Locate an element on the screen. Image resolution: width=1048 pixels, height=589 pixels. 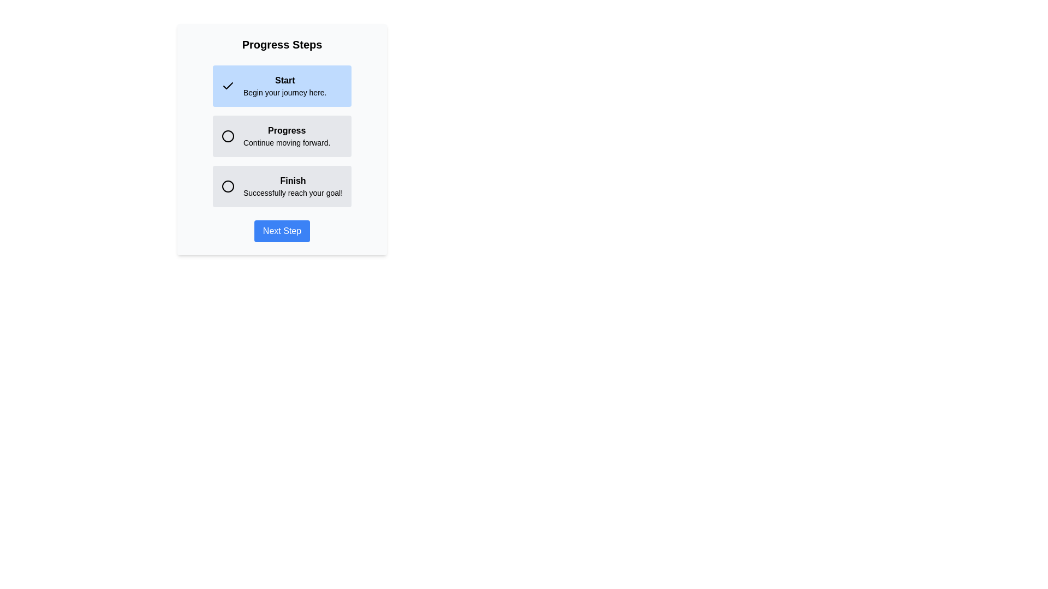
the SVG Circle Graphic, which serves as a visual indicator in the Progress section of the interface is located at coordinates (227, 136).